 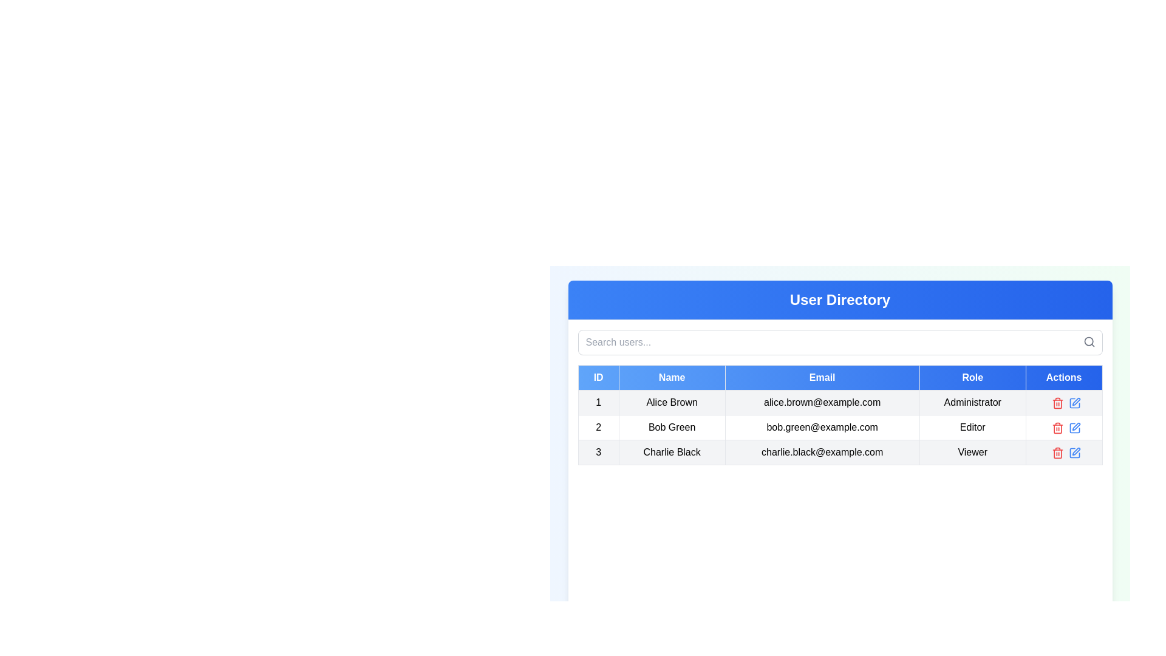 I want to click on the 'Role' table header, which is the fourth header in a blue gradient title bar of the user details table, located between 'Email' and 'Actions', so click(x=972, y=377).